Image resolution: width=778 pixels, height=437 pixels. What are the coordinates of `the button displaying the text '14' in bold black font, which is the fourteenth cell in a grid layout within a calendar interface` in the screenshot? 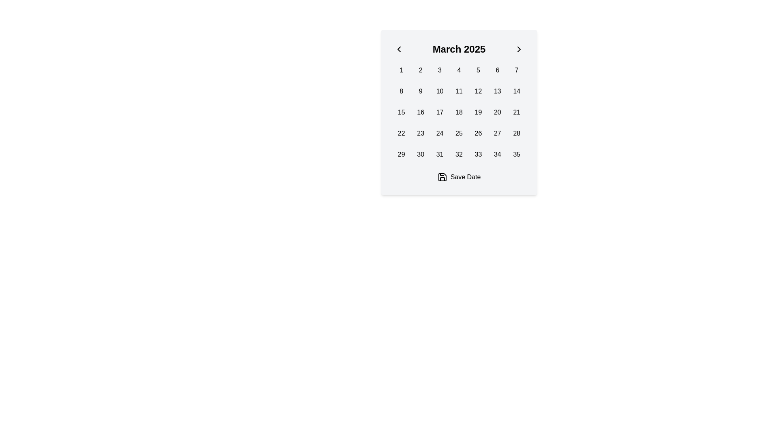 It's located at (516, 91).